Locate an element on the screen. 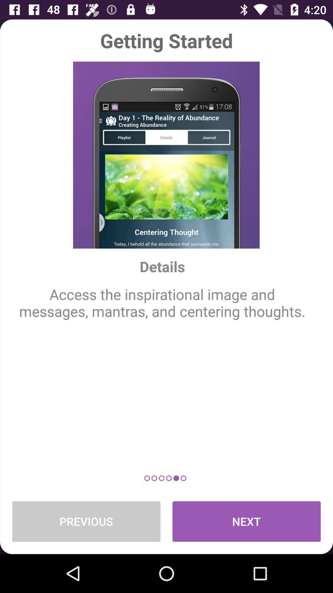  the next at the bottom right corner is located at coordinates (246, 521).